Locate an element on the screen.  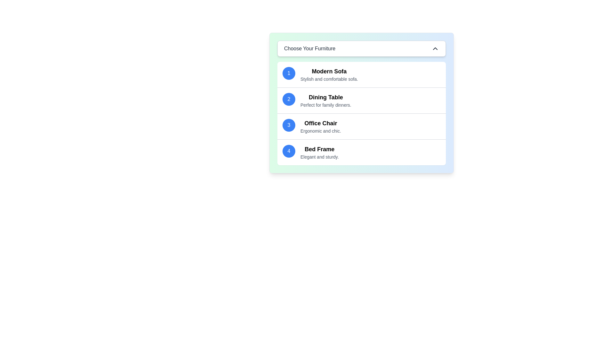
the circular badge located on the left side of the 'Bed Frame' row item in the vertical list layout is located at coordinates (289, 151).